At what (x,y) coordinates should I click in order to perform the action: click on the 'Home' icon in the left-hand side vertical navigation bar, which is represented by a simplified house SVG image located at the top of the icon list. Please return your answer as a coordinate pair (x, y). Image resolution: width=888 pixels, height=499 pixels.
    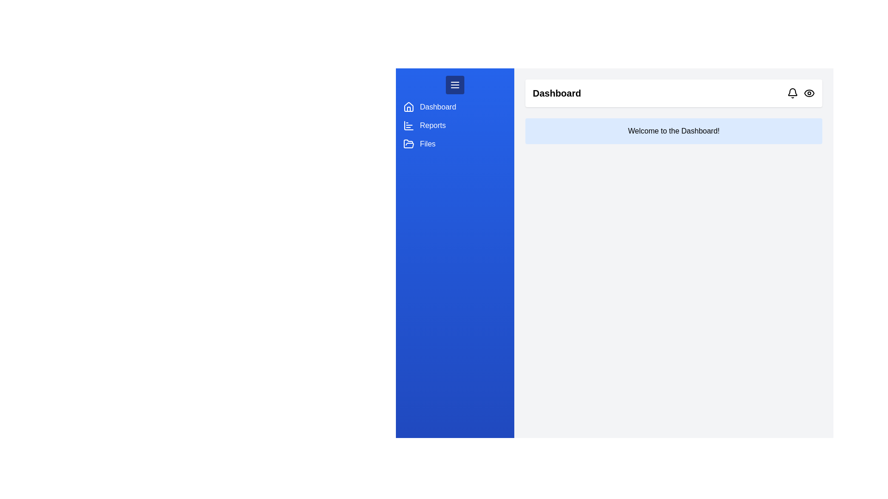
    Looking at the image, I should click on (408, 109).